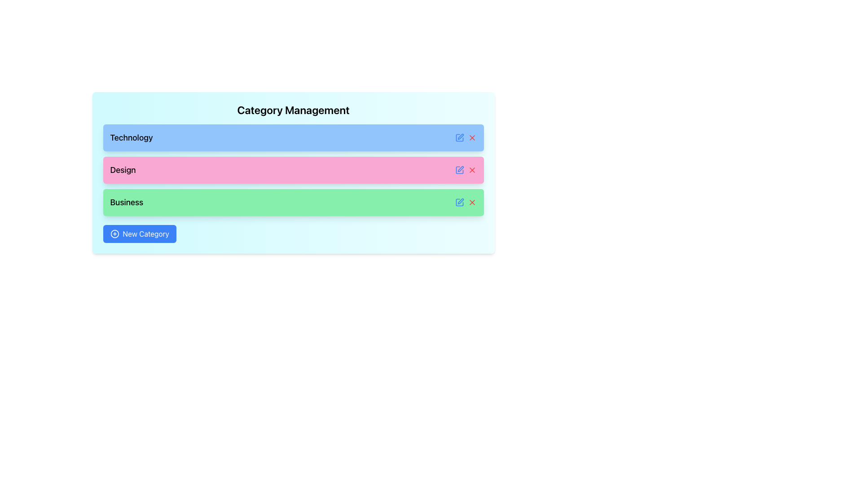 The width and height of the screenshot is (862, 485). What do you see at coordinates (471, 203) in the screenshot?
I see `the delete icon located in the bottom-right corner of the green 'Business' category box` at bounding box center [471, 203].